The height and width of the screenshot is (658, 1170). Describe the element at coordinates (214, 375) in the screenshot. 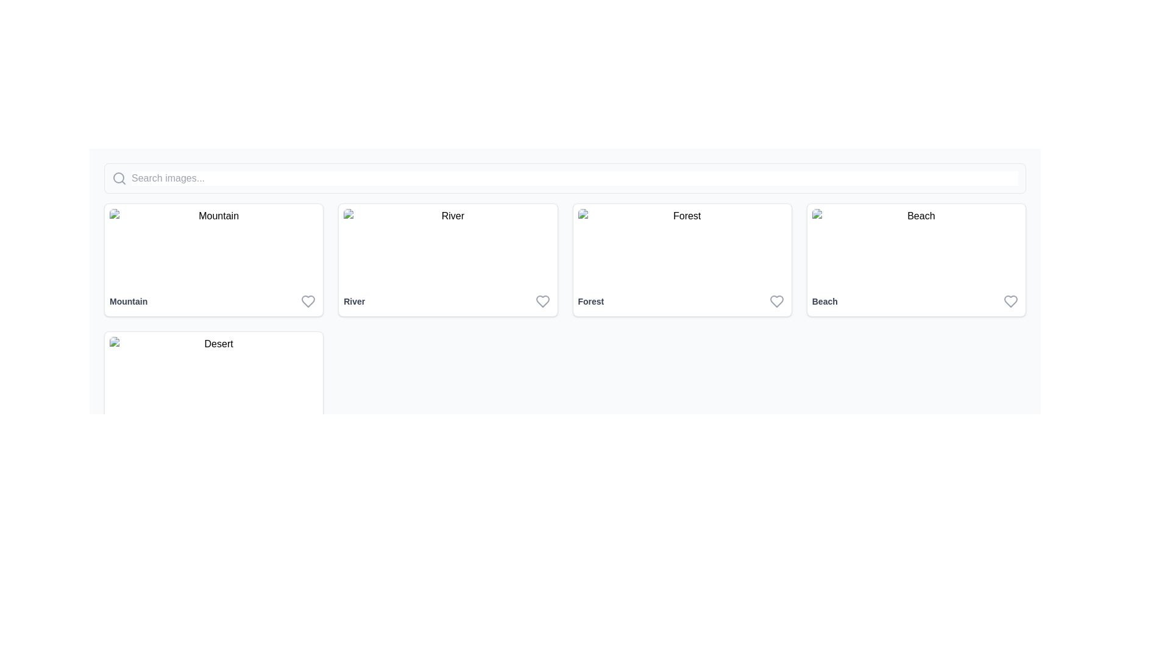

I see `the image representing the desert located` at that location.